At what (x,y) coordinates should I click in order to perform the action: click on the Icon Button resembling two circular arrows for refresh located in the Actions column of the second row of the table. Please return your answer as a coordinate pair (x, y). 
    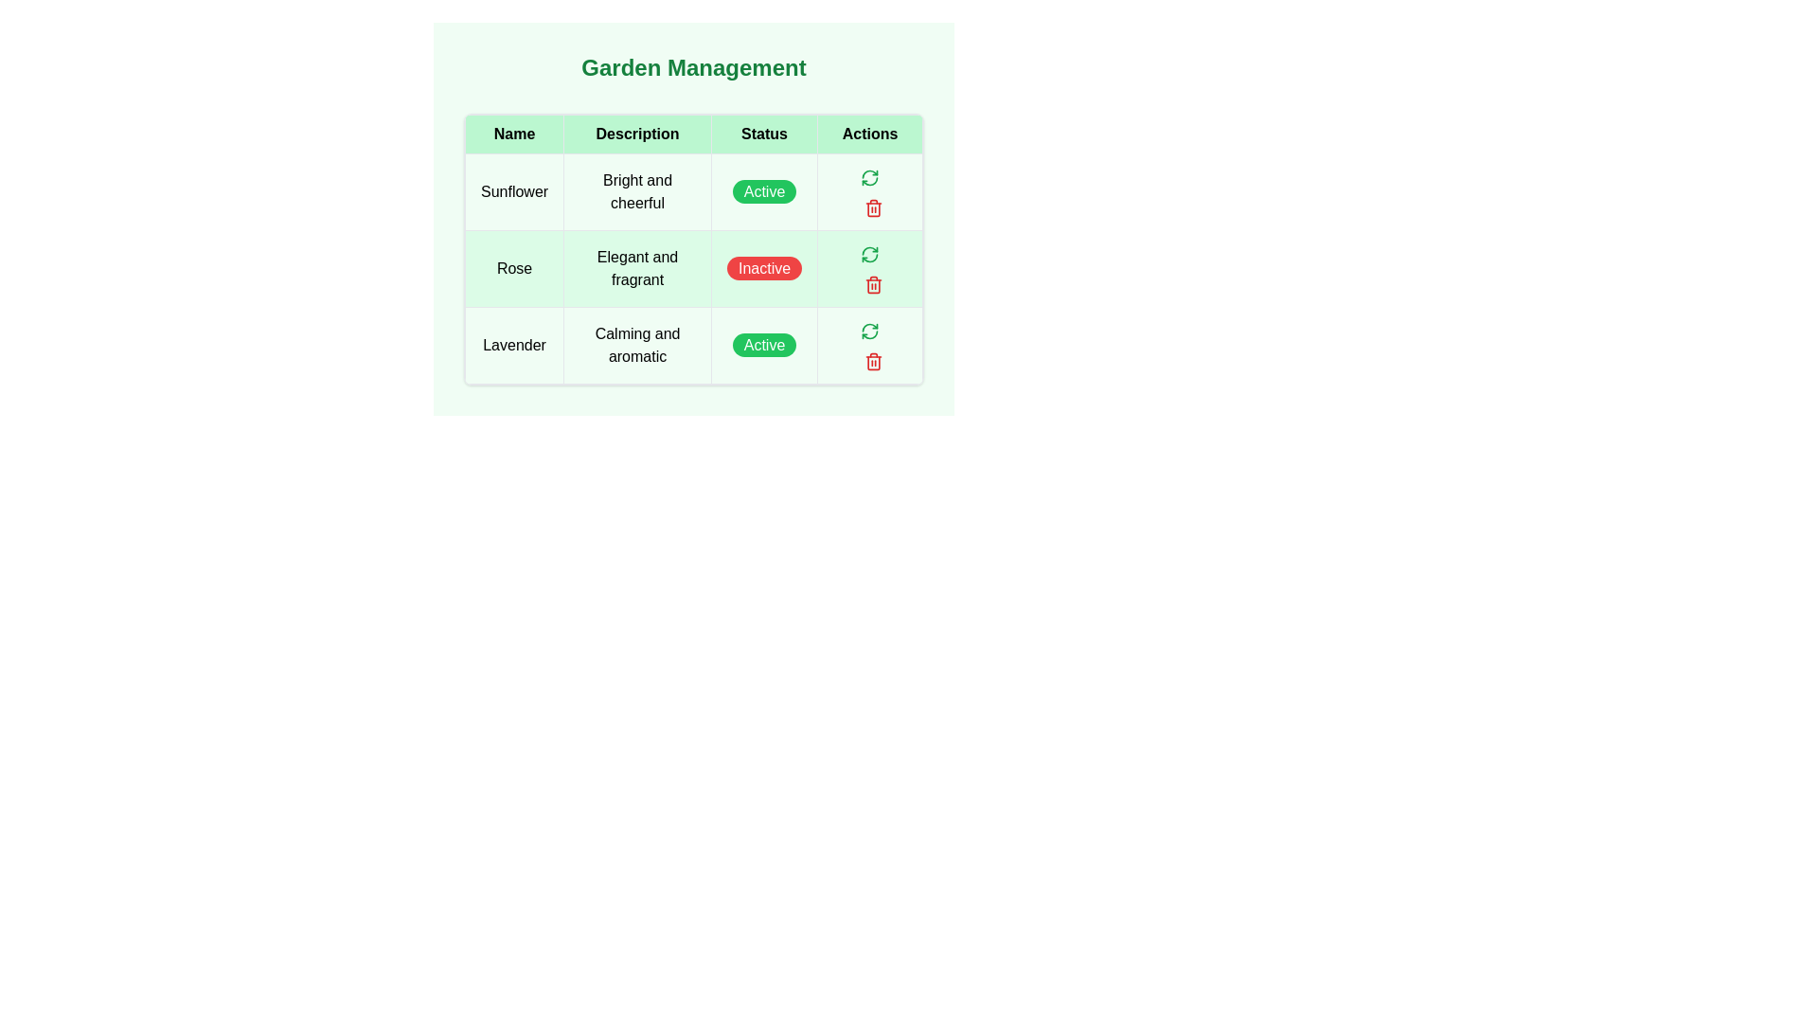
    Looking at the image, I should click on (869, 177).